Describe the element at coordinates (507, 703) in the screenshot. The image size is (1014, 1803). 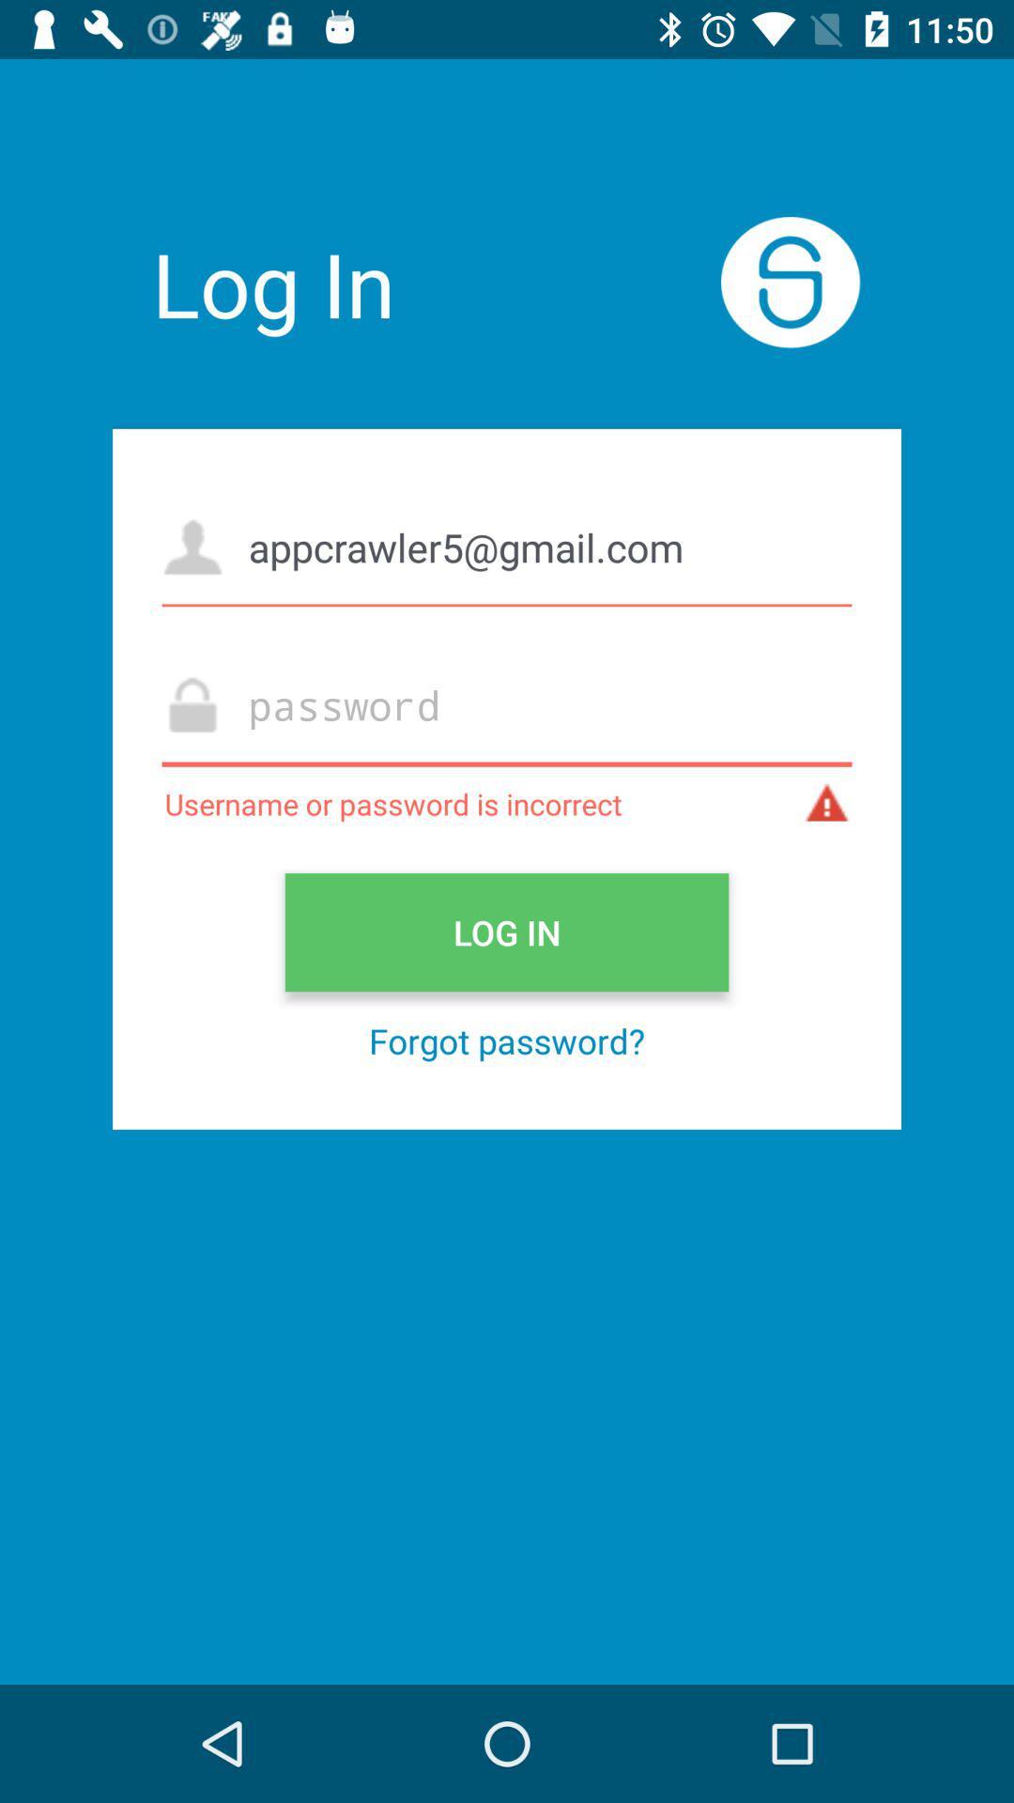
I see `fill in password` at that location.